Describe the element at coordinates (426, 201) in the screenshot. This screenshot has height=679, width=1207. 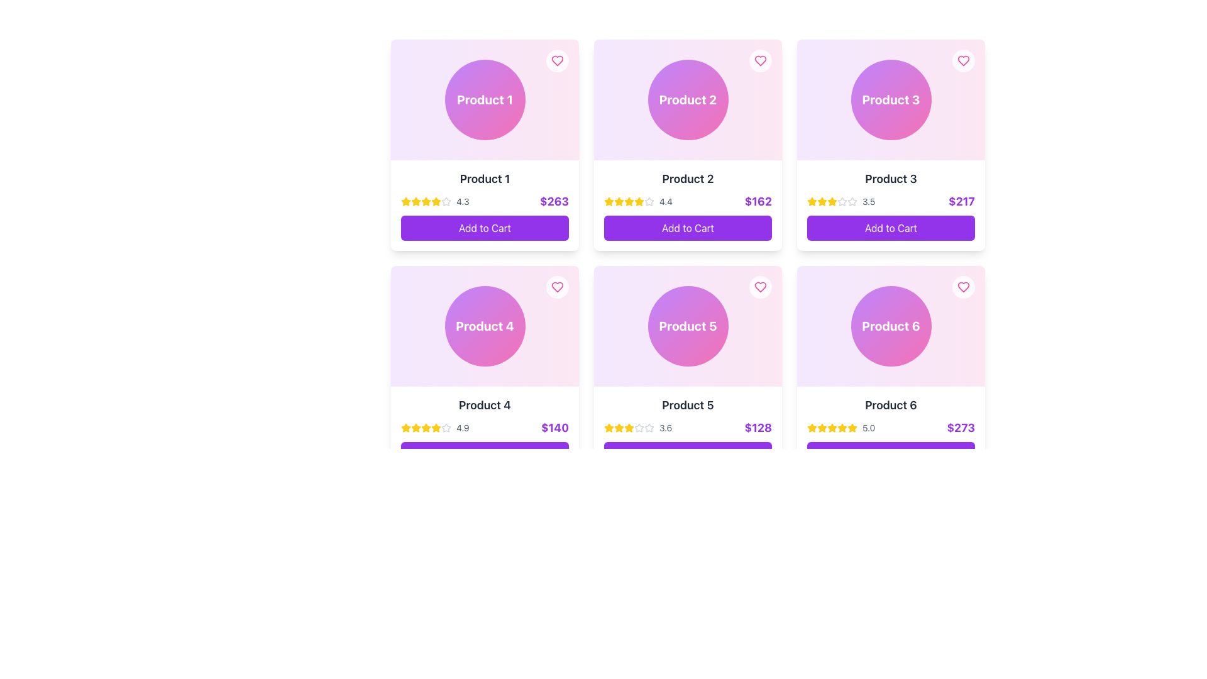
I see `the fourth star in the rating system for 'Product 1'` at that location.